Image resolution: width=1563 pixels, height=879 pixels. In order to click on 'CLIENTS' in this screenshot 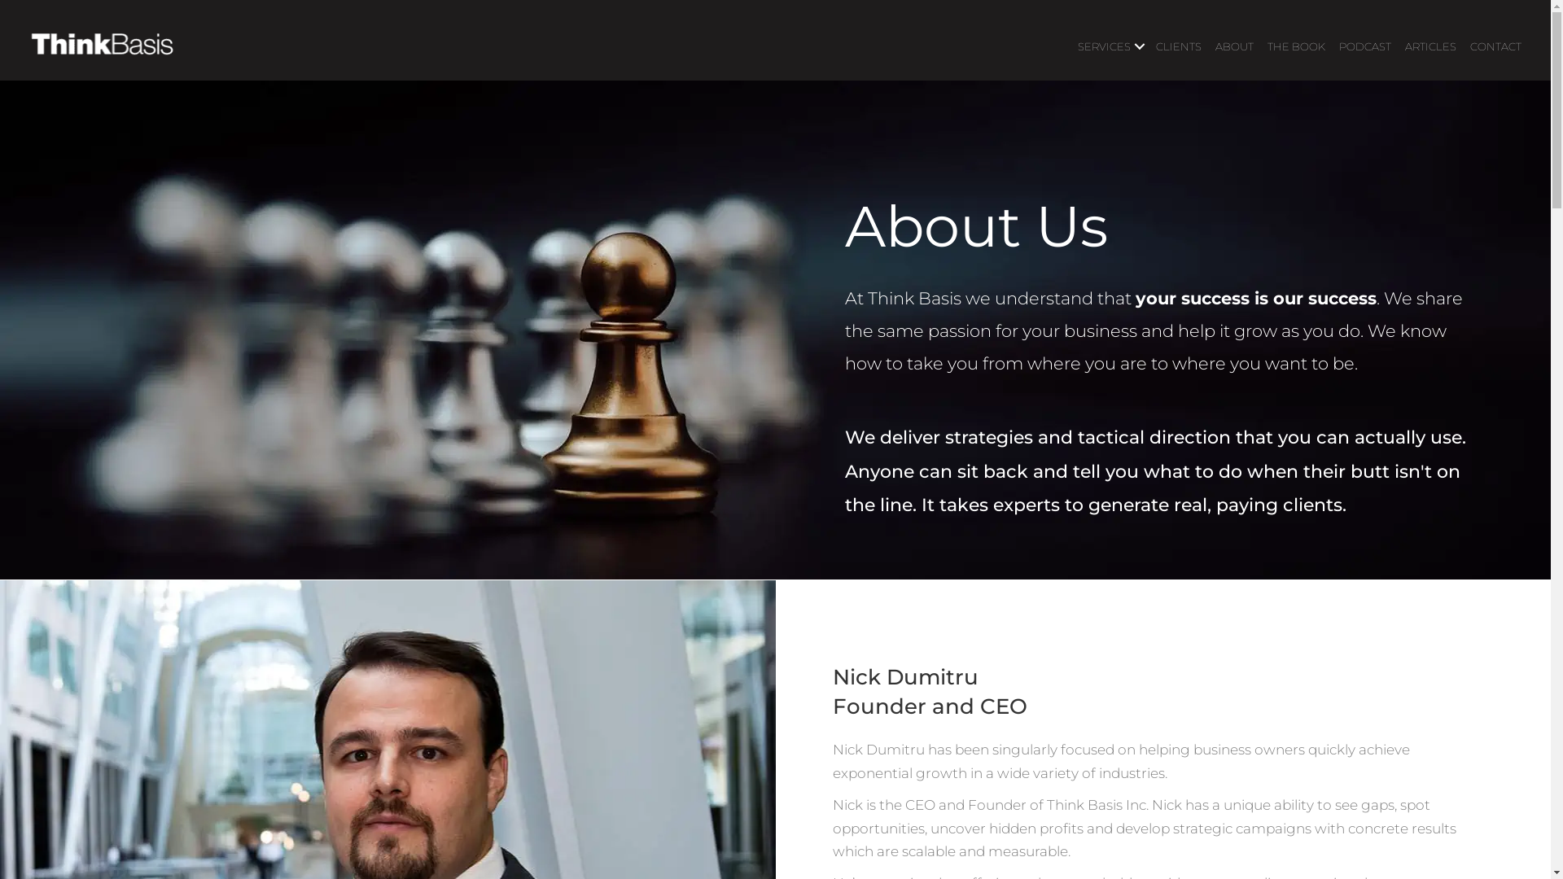, I will do `click(1179, 46)`.